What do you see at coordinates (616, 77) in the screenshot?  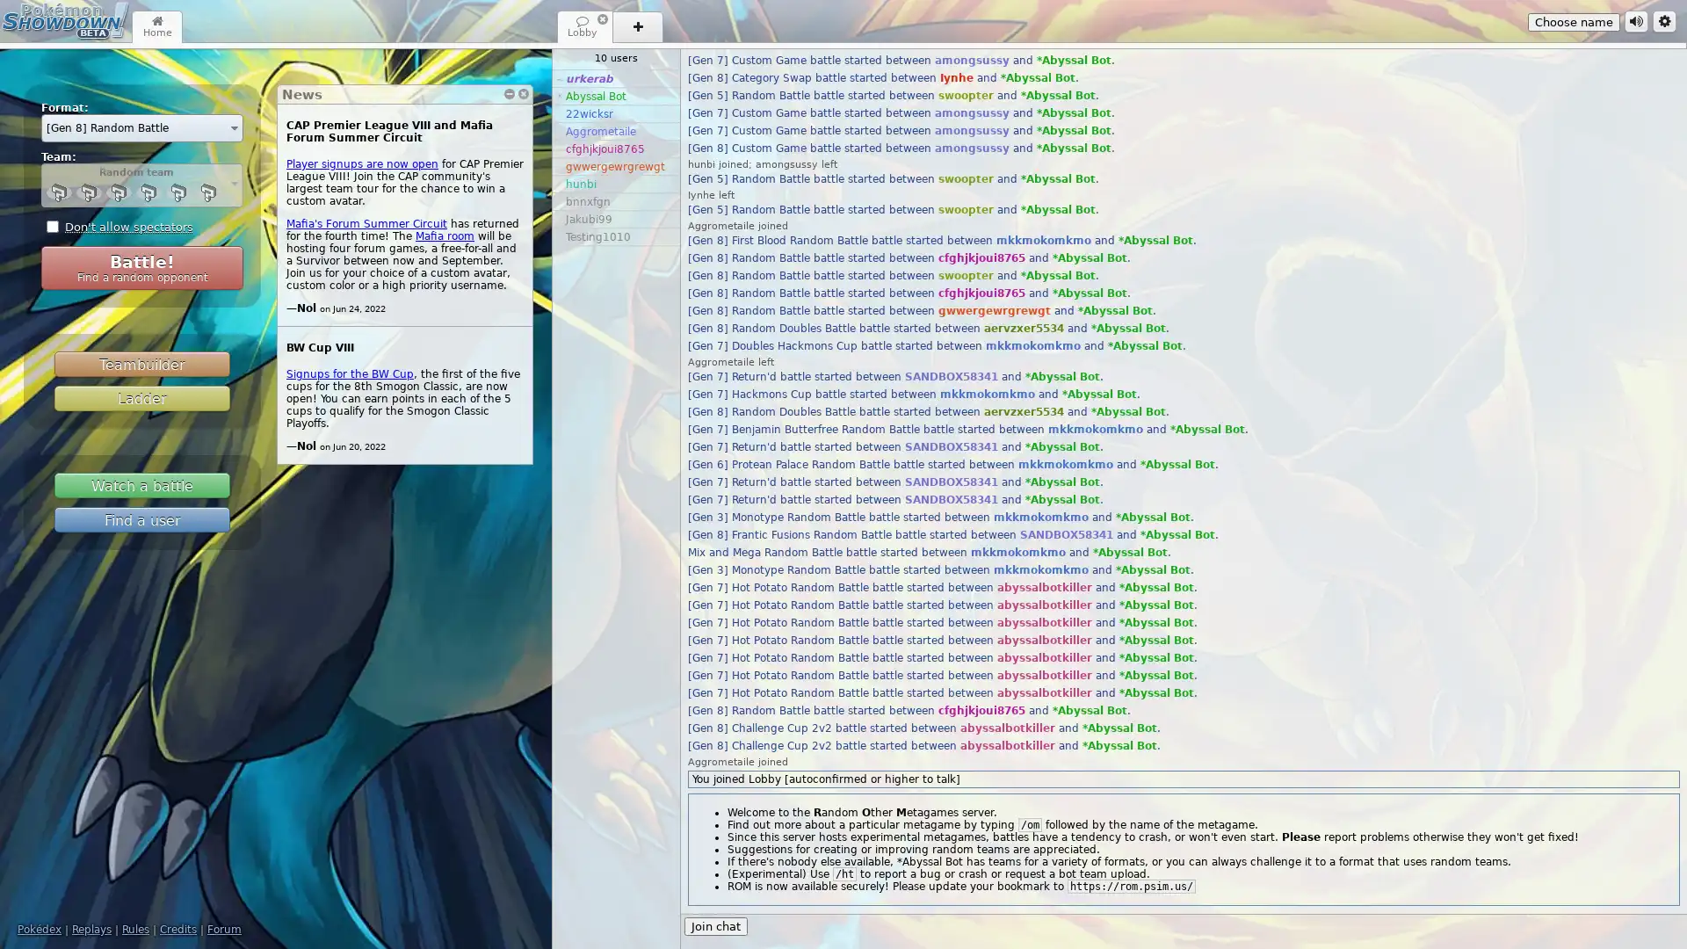 I see `~ urkerab` at bounding box center [616, 77].